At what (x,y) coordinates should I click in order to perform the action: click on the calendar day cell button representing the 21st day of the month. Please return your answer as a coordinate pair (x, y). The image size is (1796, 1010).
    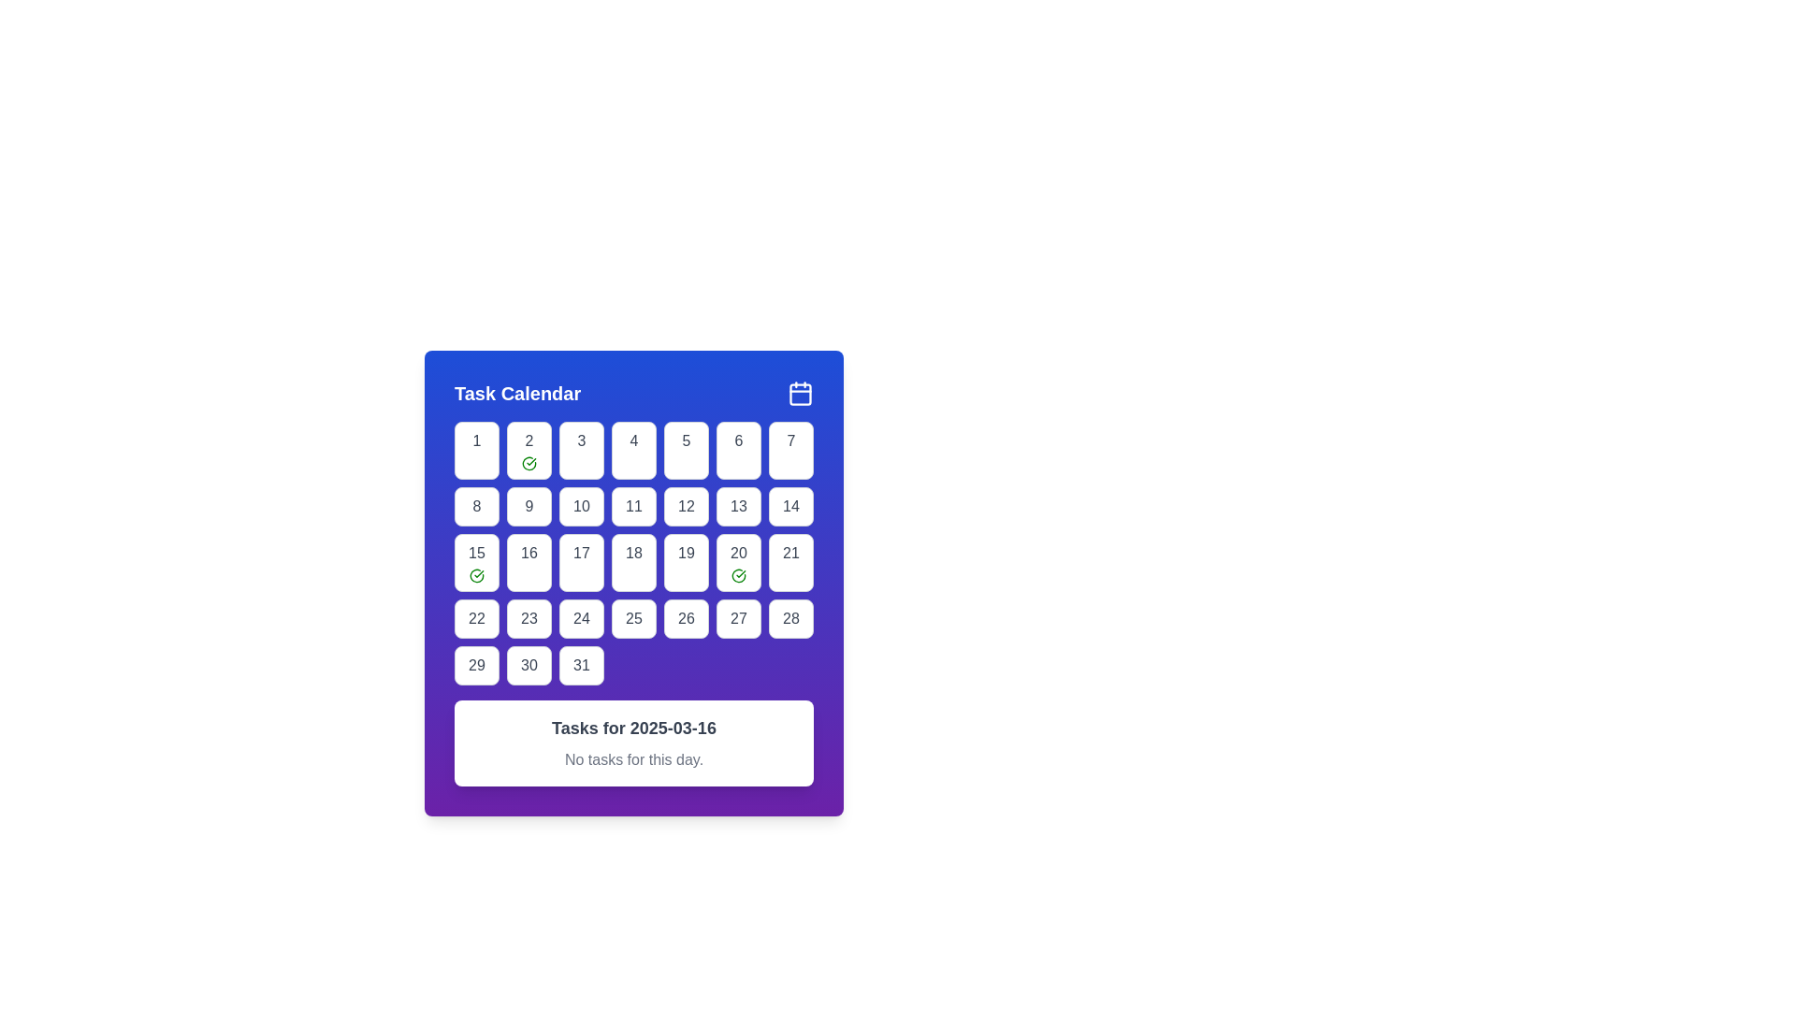
    Looking at the image, I should click on (790, 561).